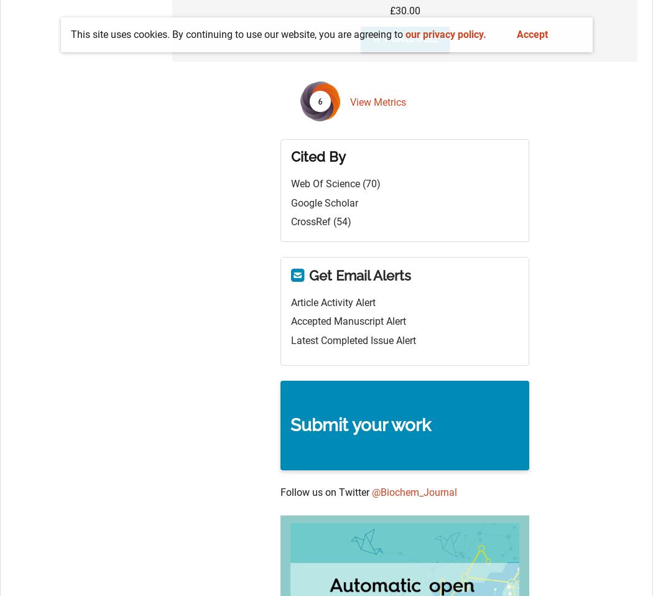 The height and width of the screenshot is (596, 653). Describe the element at coordinates (348, 320) in the screenshot. I see `'Accepted Manuscript Alert'` at that location.